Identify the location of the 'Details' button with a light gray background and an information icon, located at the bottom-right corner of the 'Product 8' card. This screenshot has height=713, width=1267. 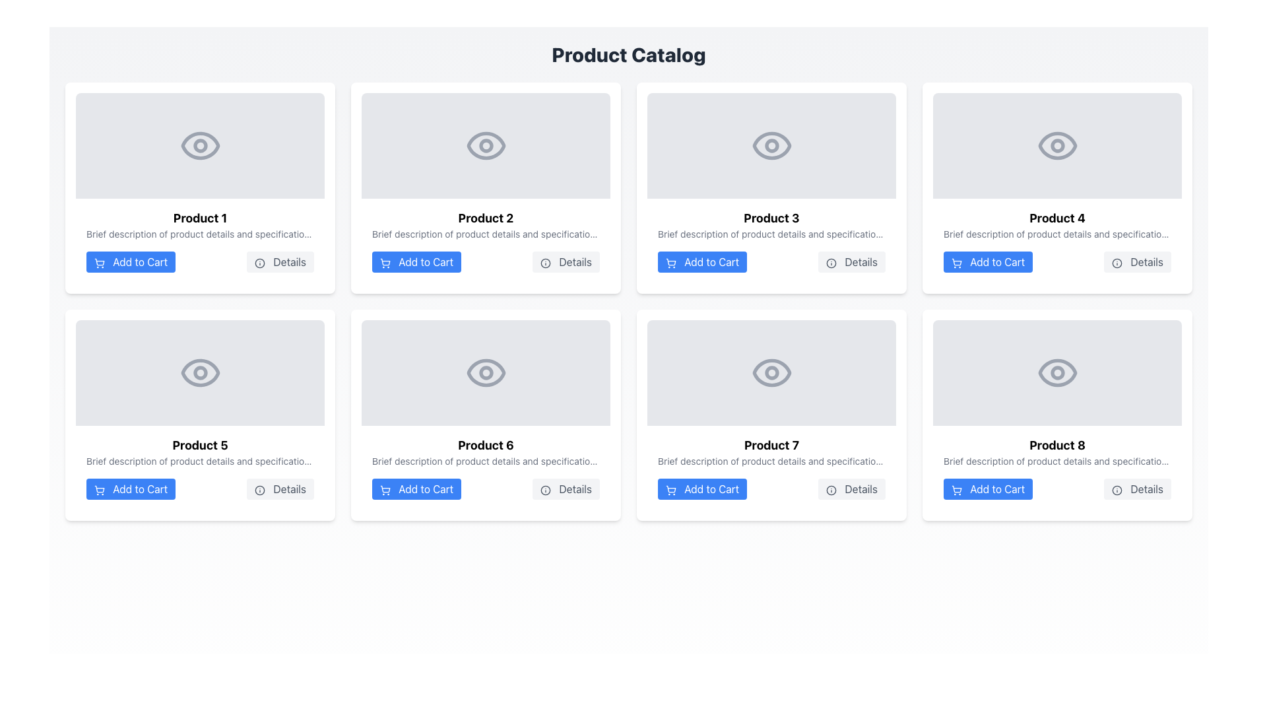
(1137, 489).